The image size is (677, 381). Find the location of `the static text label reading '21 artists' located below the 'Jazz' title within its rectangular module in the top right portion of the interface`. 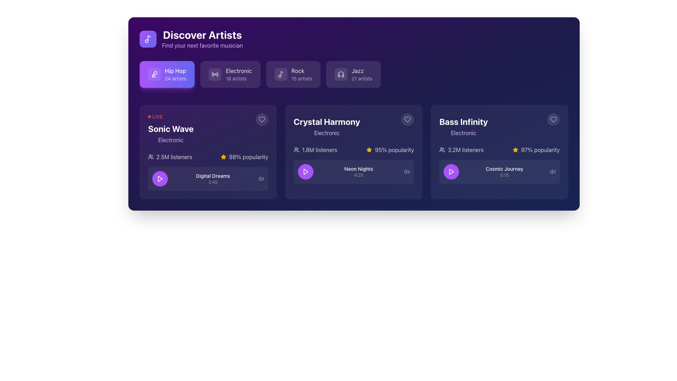

the static text label reading '21 artists' located below the 'Jazz' title within its rectangular module in the top right portion of the interface is located at coordinates (362, 79).